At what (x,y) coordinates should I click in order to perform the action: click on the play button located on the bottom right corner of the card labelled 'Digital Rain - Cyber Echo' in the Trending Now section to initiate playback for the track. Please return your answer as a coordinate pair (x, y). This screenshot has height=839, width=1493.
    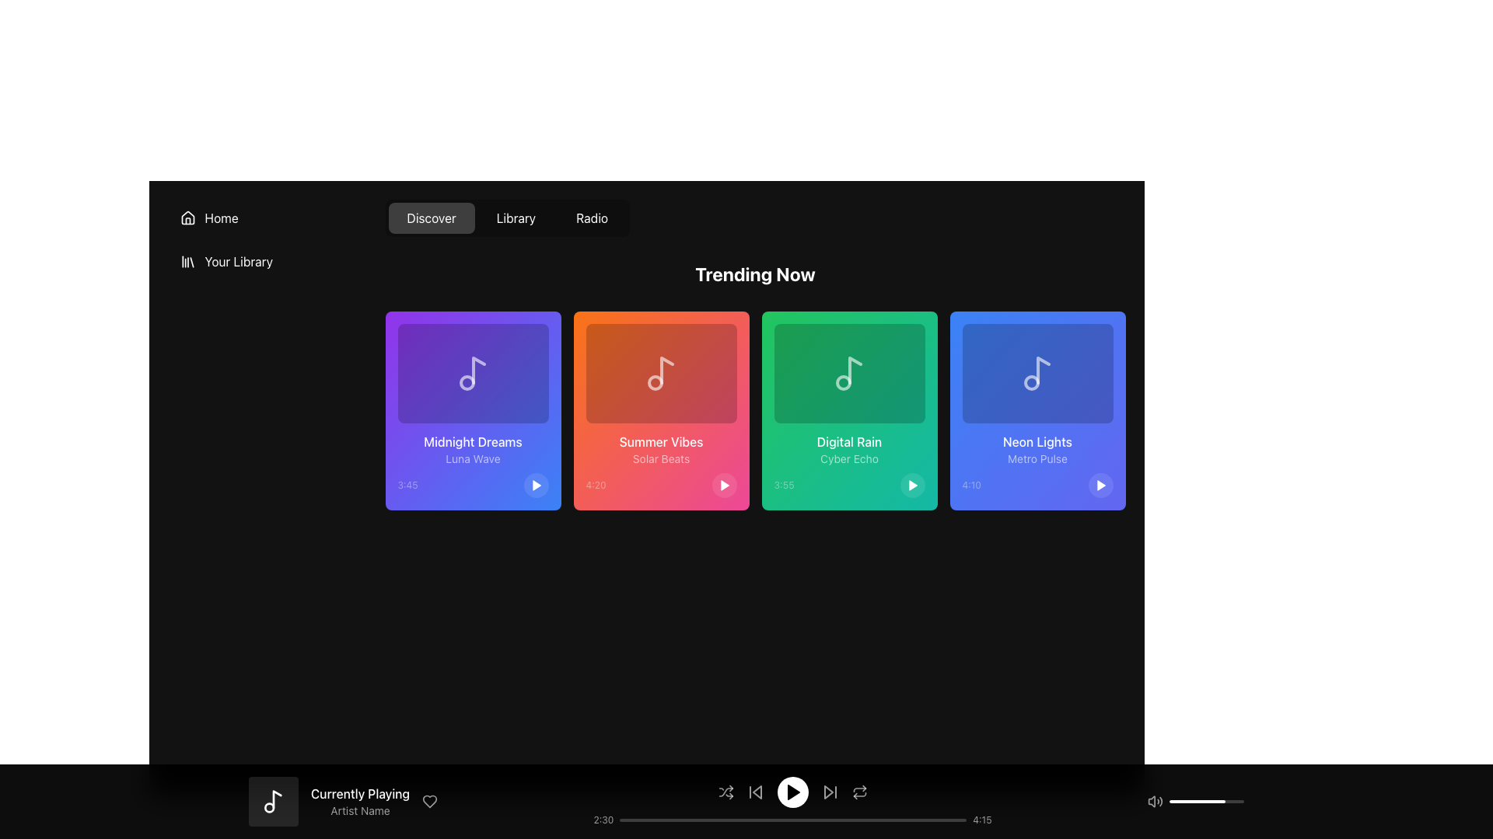
    Looking at the image, I should click on (848, 484).